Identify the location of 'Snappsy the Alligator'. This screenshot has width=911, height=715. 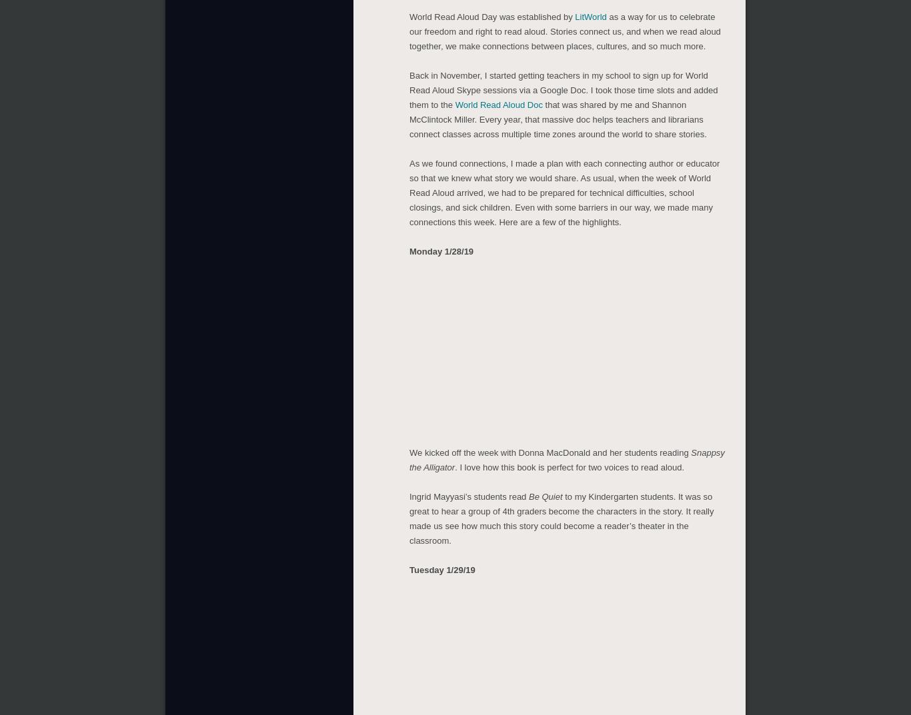
(566, 457).